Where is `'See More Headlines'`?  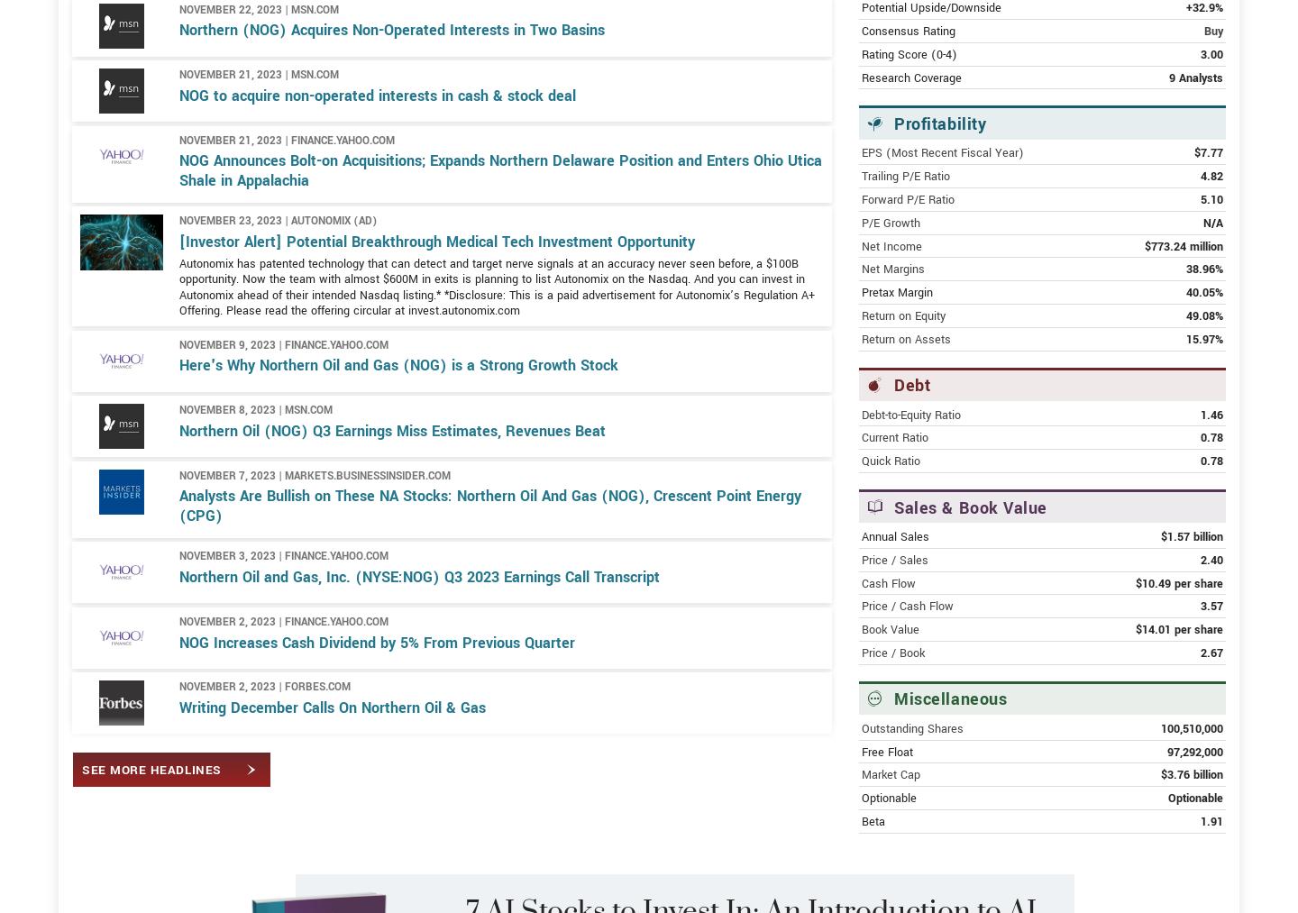
'See More Headlines' is located at coordinates (82, 835).